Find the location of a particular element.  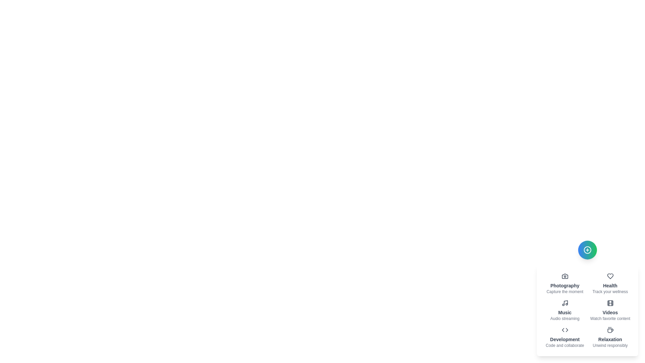

the toggle button to change the visibility of the action menu is located at coordinates (587, 250).